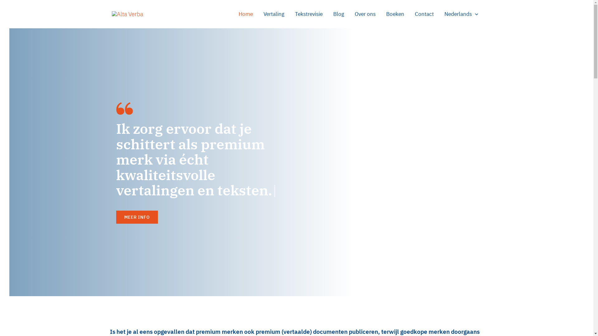 Image resolution: width=598 pixels, height=336 pixels. I want to click on 'Over ons', so click(365, 14).